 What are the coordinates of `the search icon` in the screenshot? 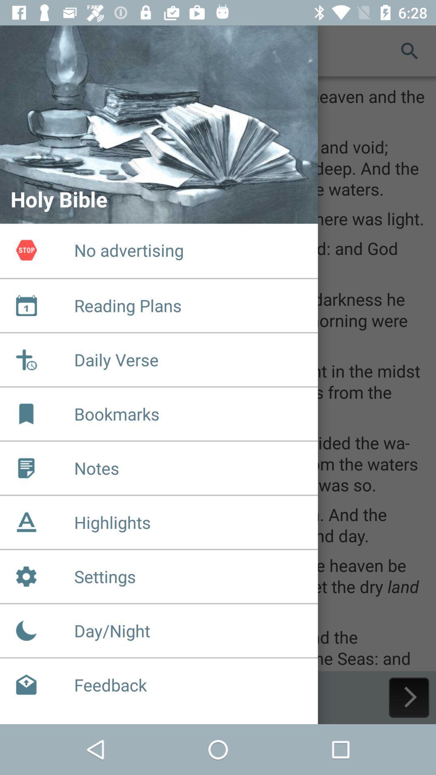 It's located at (409, 50).